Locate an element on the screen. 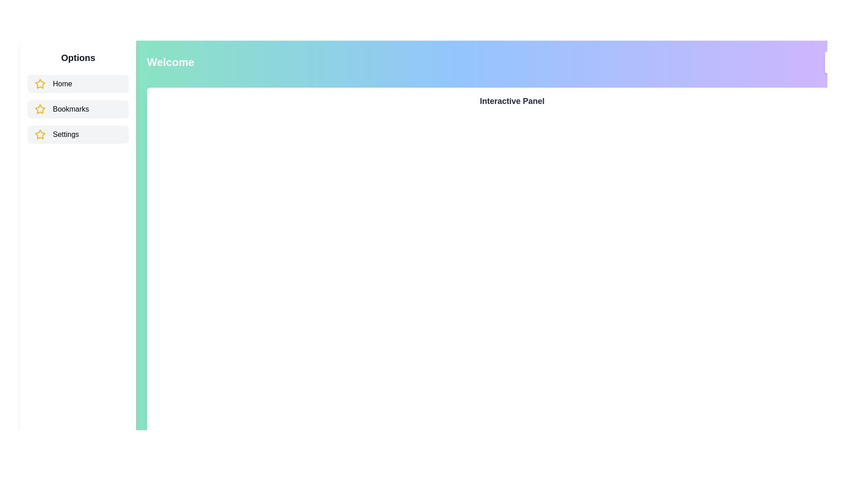  text of the heading element located at the top of the sidebar menu, which organizes items under the 'Options' category is located at coordinates (78, 57).